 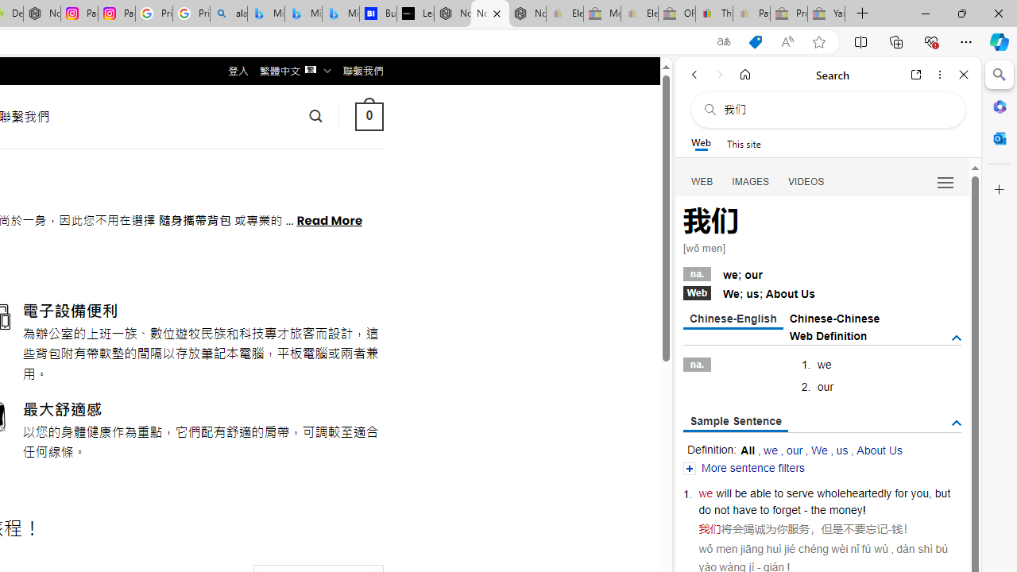 I want to click on 'Forward', so click(x=719, y=74).